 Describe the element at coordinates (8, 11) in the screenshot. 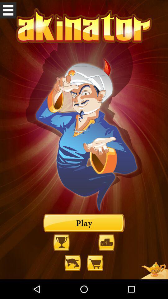

I see `the menu icon` at that location.